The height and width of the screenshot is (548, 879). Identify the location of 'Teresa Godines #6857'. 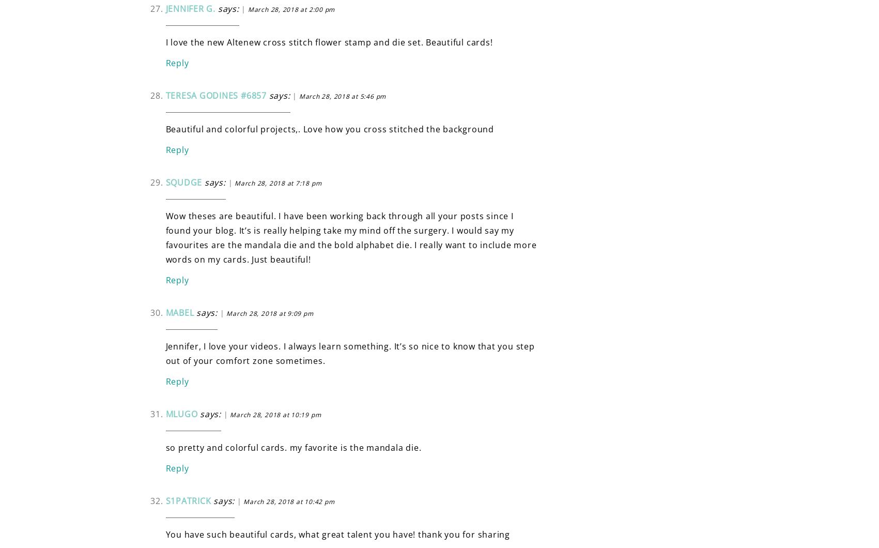
(215, 95).